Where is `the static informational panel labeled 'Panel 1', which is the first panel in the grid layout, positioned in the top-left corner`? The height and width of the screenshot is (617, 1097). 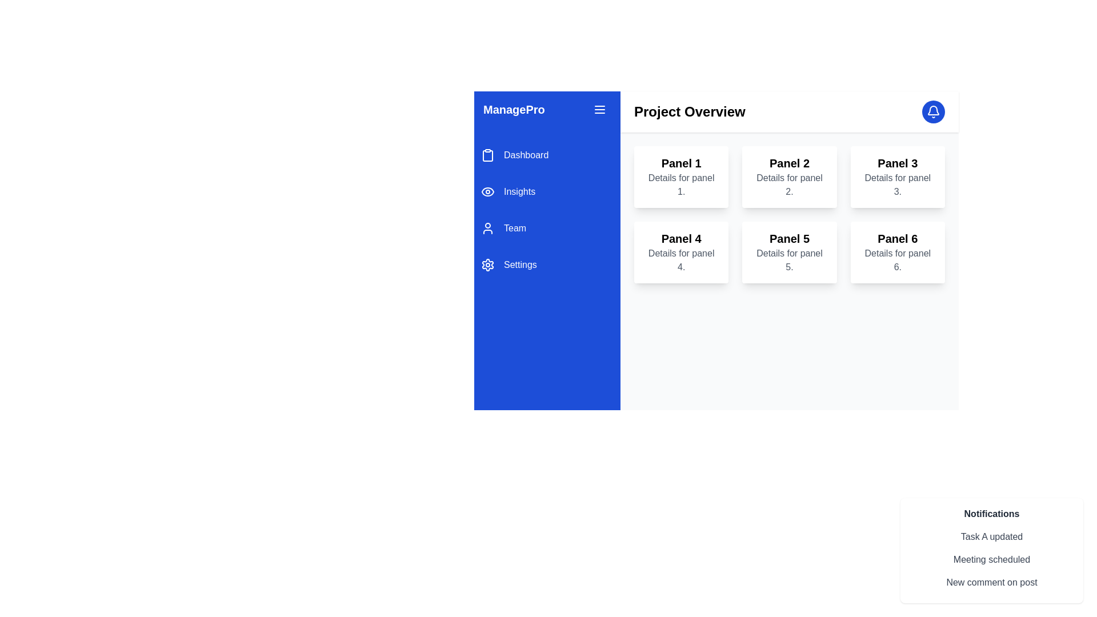
the static informational panel labeled 'Panel 1', which is the first panel in the grid layout, positioned in the top-left corner is located at coordinates (681, 177).